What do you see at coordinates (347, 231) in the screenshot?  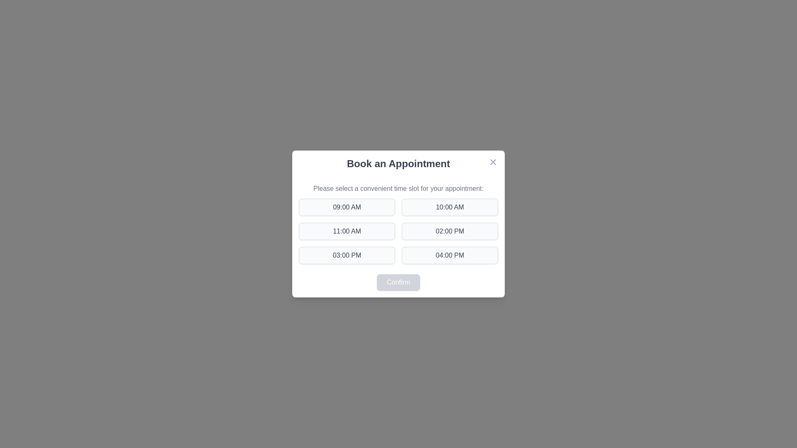 I see `the time slot button labeled 11:00 AM` at bounding box center [347, 231].